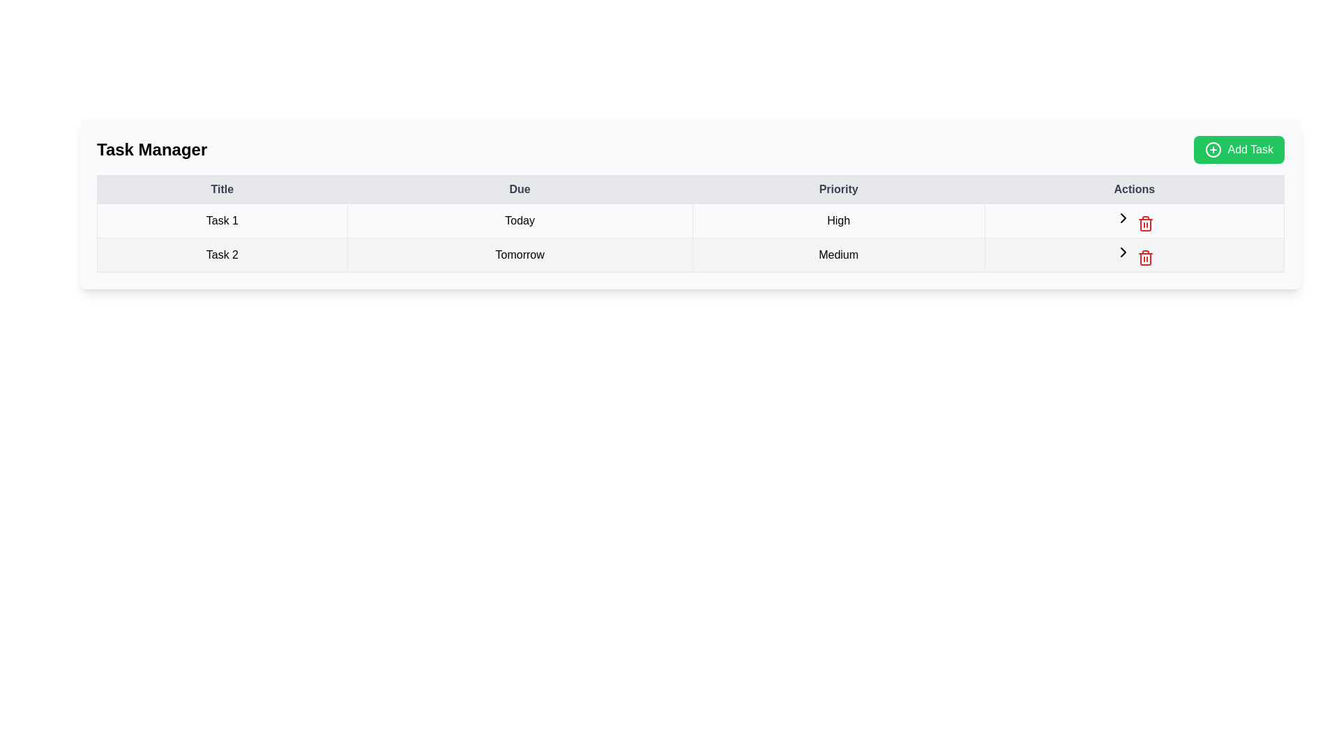 The height and width of the screenshot is (753, 1339). I want to click on the text label displaying 'Due' which is part of the table header between 'Title' and 'Priority', so click(519, 190).